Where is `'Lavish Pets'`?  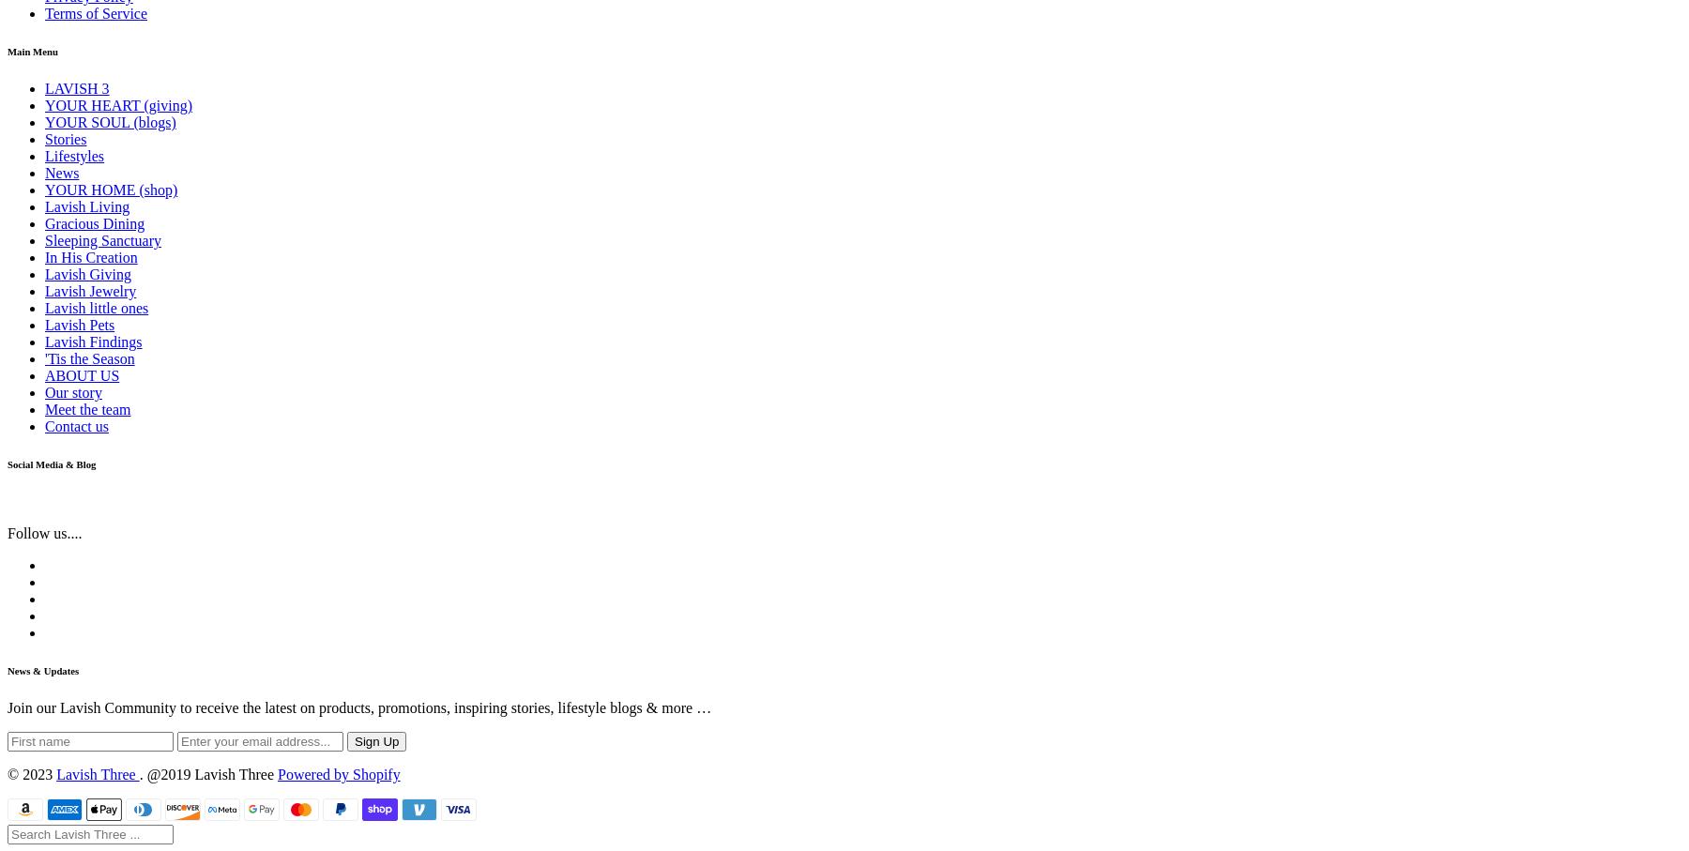
'Lavish Pets' is located at coordinates (78, 324).